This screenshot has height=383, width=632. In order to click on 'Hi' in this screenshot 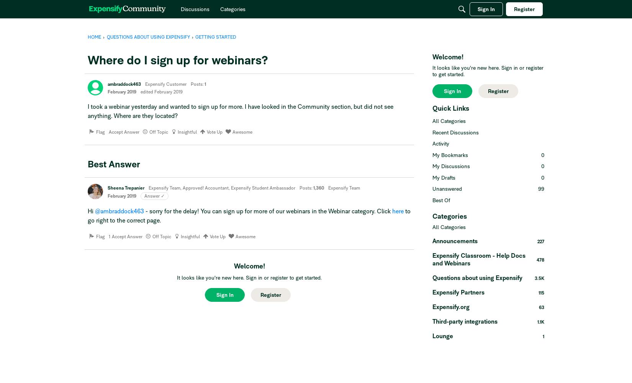, I will do `click(91, 211)`.